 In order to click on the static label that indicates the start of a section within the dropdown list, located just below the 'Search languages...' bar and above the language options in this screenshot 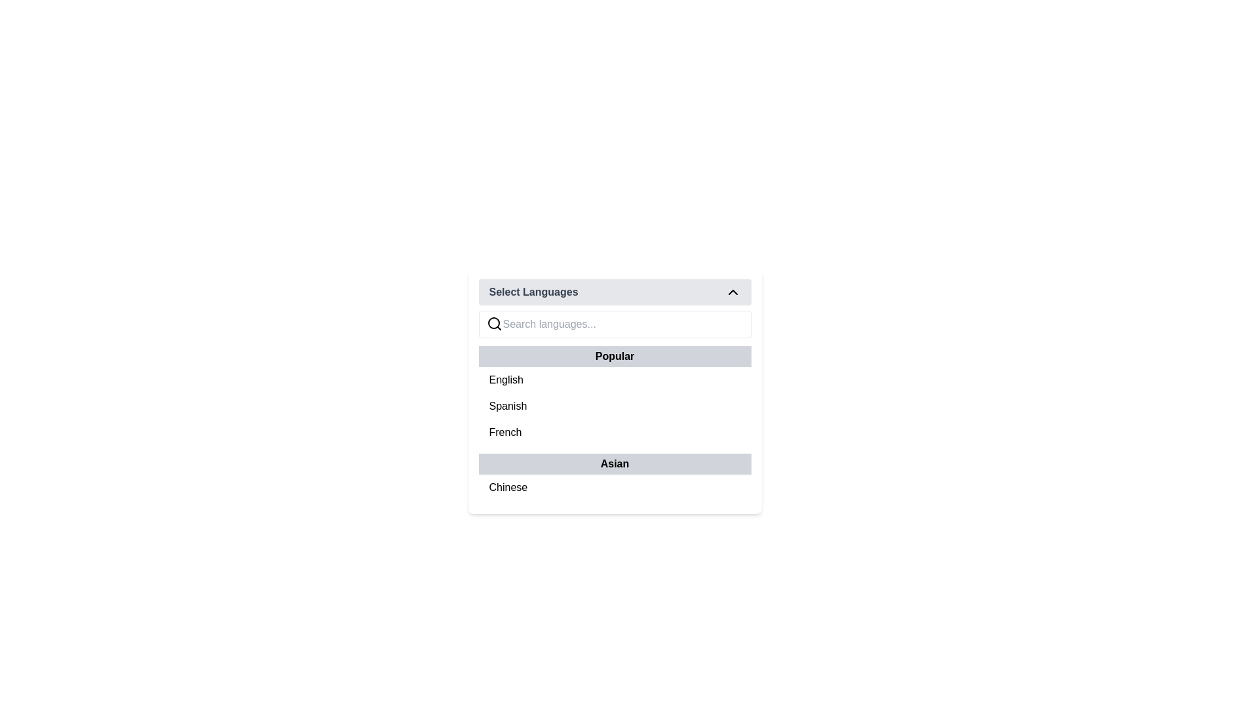, I will do `click(614, 356)`.